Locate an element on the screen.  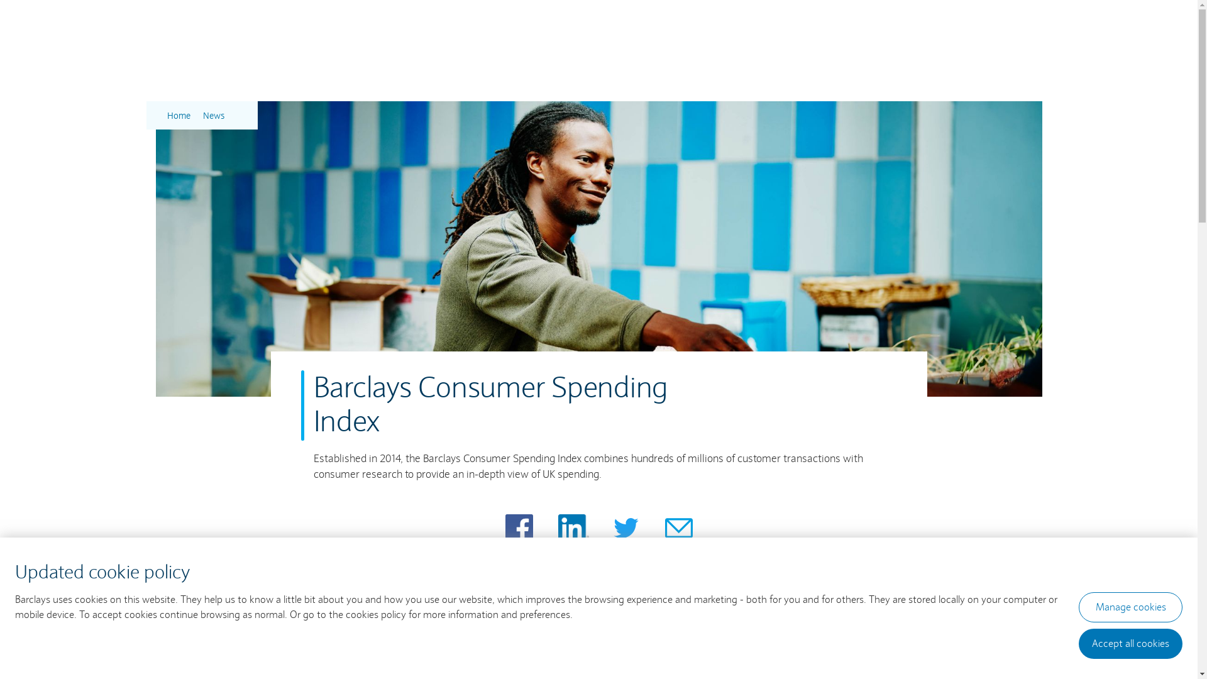
'Share page via Email' is located at coordinates (664, 528).